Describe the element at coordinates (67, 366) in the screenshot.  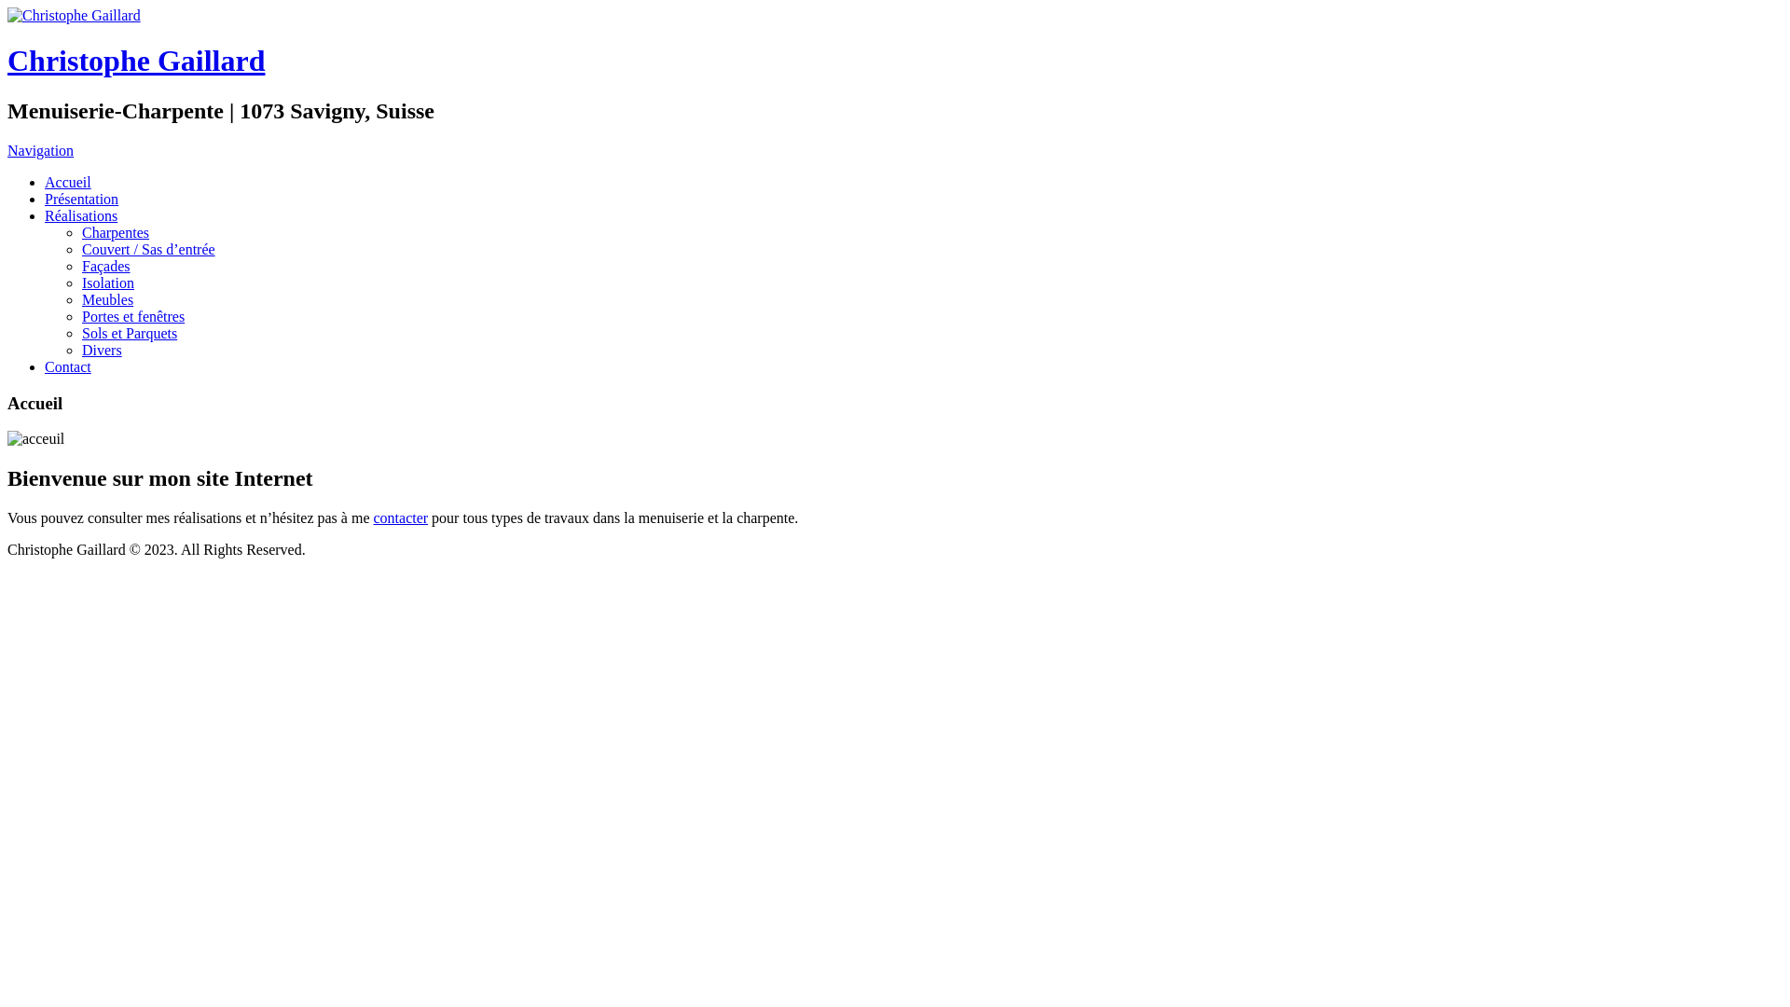
I see `'Contact'` at that location.